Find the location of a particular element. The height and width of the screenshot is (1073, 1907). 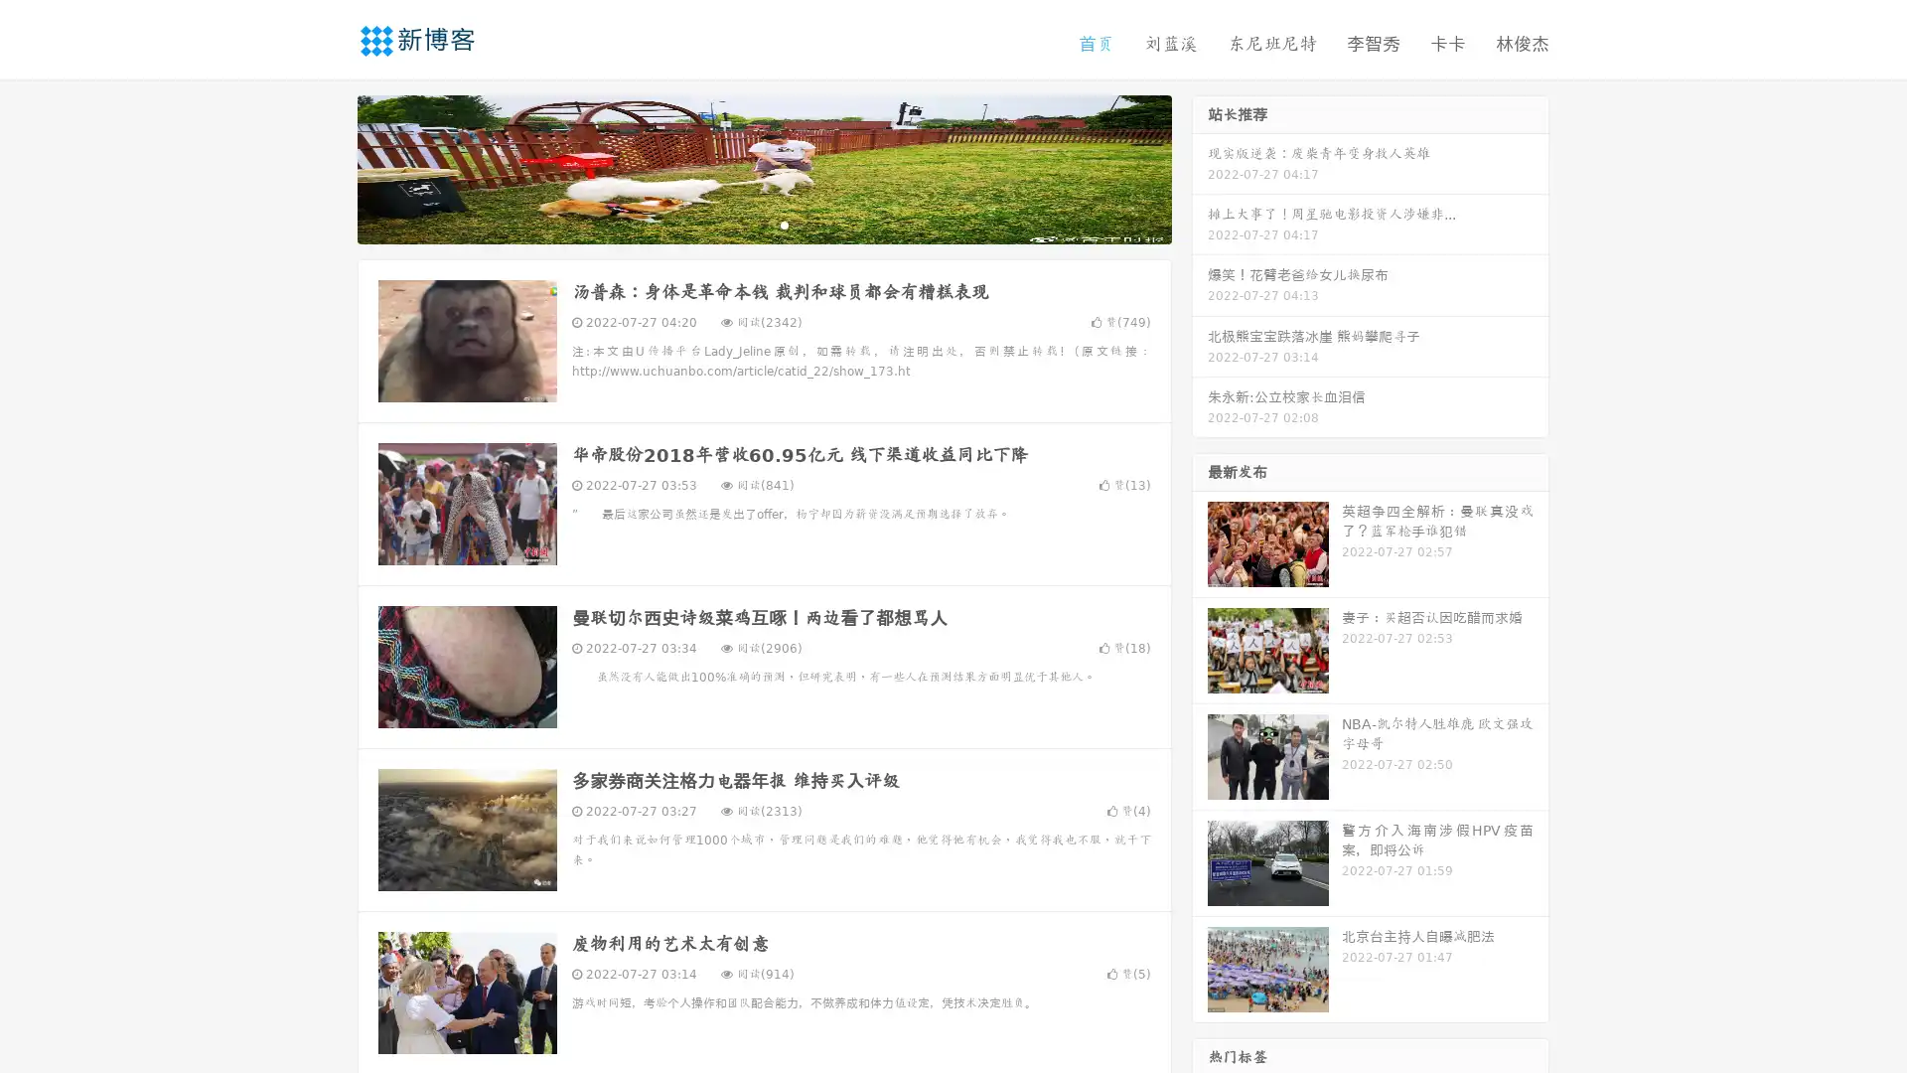

Go to slide 1 is located at coordinates (743, 224).